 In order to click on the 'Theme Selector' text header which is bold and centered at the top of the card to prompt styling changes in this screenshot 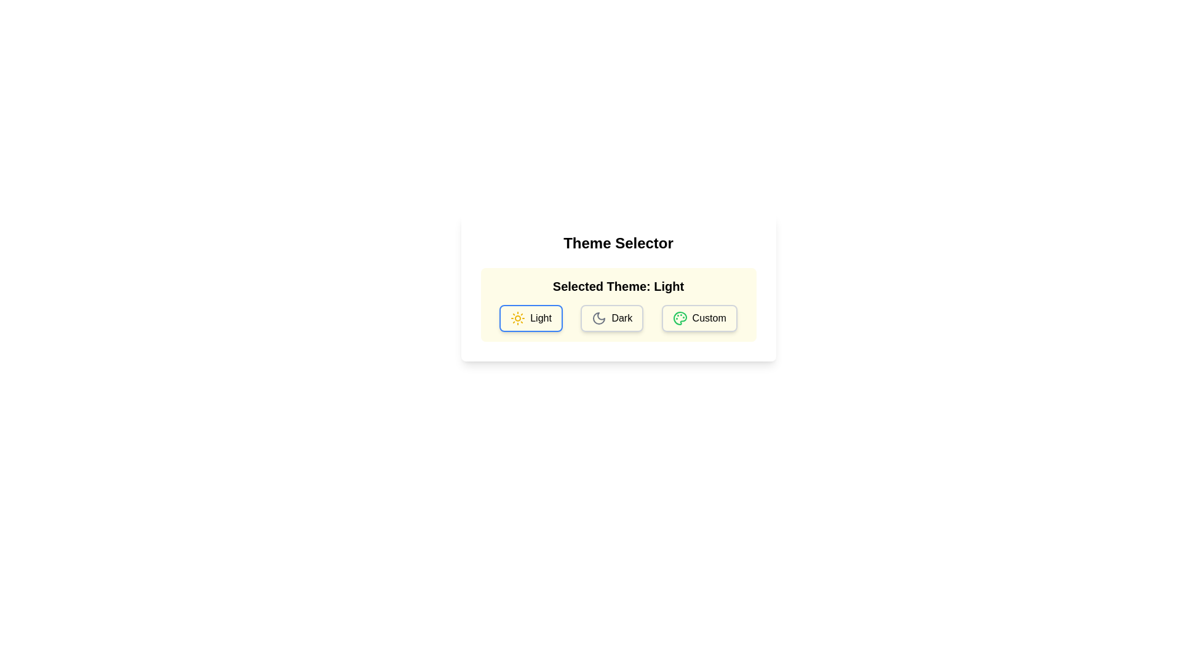, I will do `click(618, 243)`.